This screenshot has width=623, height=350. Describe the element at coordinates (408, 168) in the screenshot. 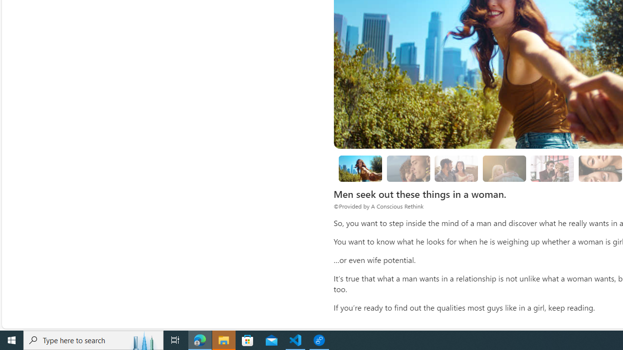

I see `'1. She is compassionate.'` at that location.